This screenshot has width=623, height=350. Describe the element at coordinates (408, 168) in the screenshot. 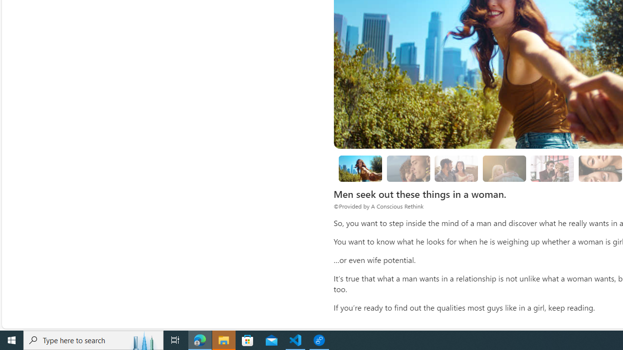

I see `'1. She is compassionate.'` at that location.